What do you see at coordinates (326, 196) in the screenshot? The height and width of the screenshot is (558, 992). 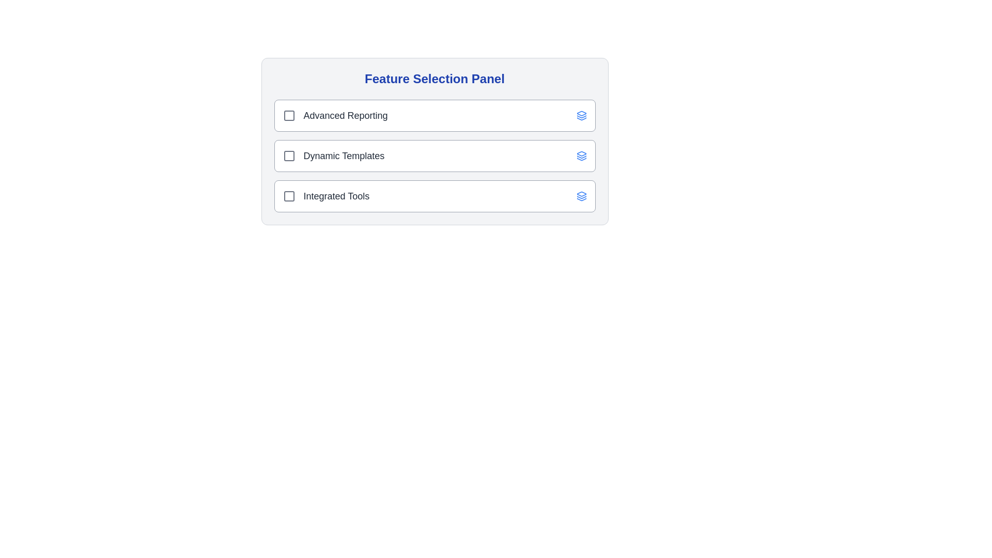 I see `the 'Integrated Tools' checkbox with text label in the 'Feature Selection Panel'` at bounding box center [326, 196].